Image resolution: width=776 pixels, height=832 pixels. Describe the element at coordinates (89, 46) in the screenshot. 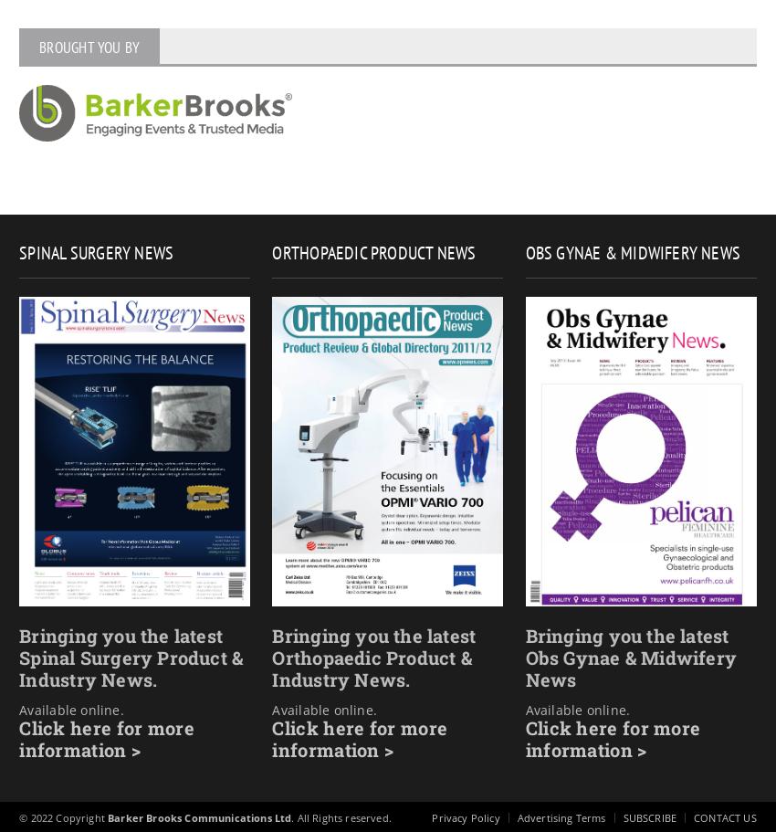

I see `'Brought you by'` at that location.